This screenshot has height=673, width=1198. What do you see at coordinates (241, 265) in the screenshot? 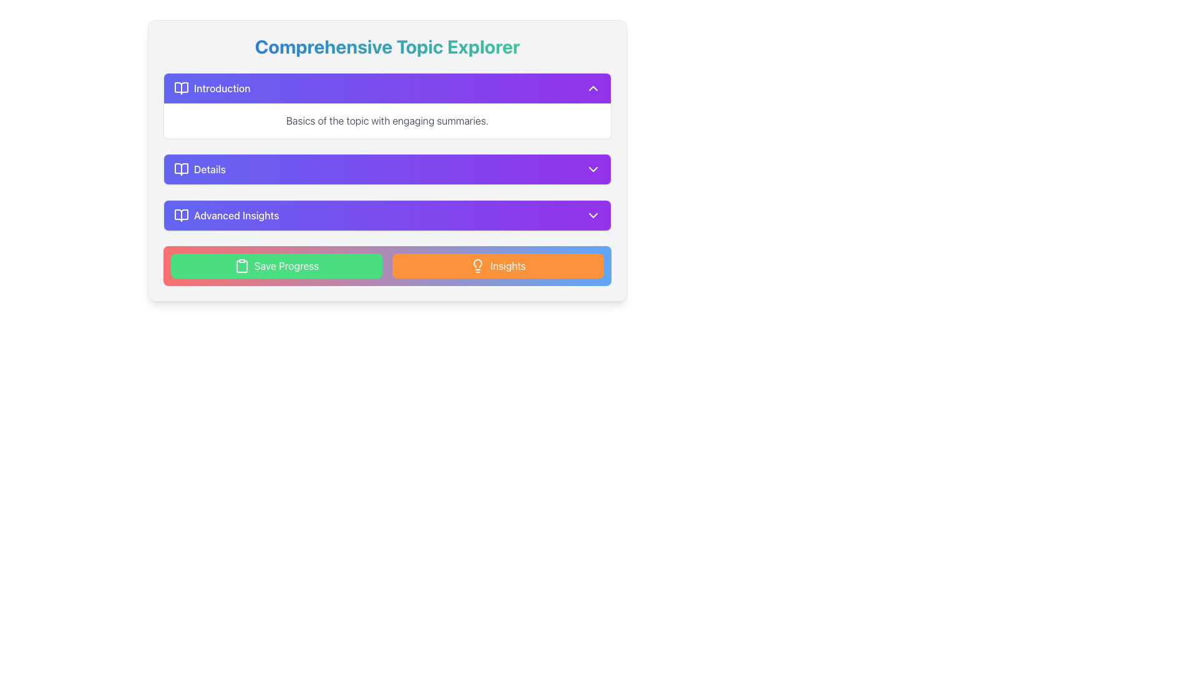
I see `the decorative save progress icon located to the left of the 'Save Progress' button text` at bounding box center [241, 265].